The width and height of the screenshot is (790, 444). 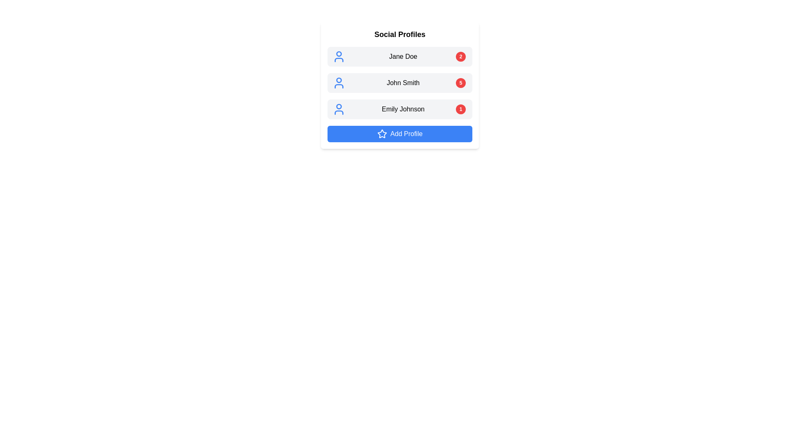 I want to click on the circular blue user icon associated with 'John Smith' in the 'Social Profiles' section, so click(x=339, y=80).